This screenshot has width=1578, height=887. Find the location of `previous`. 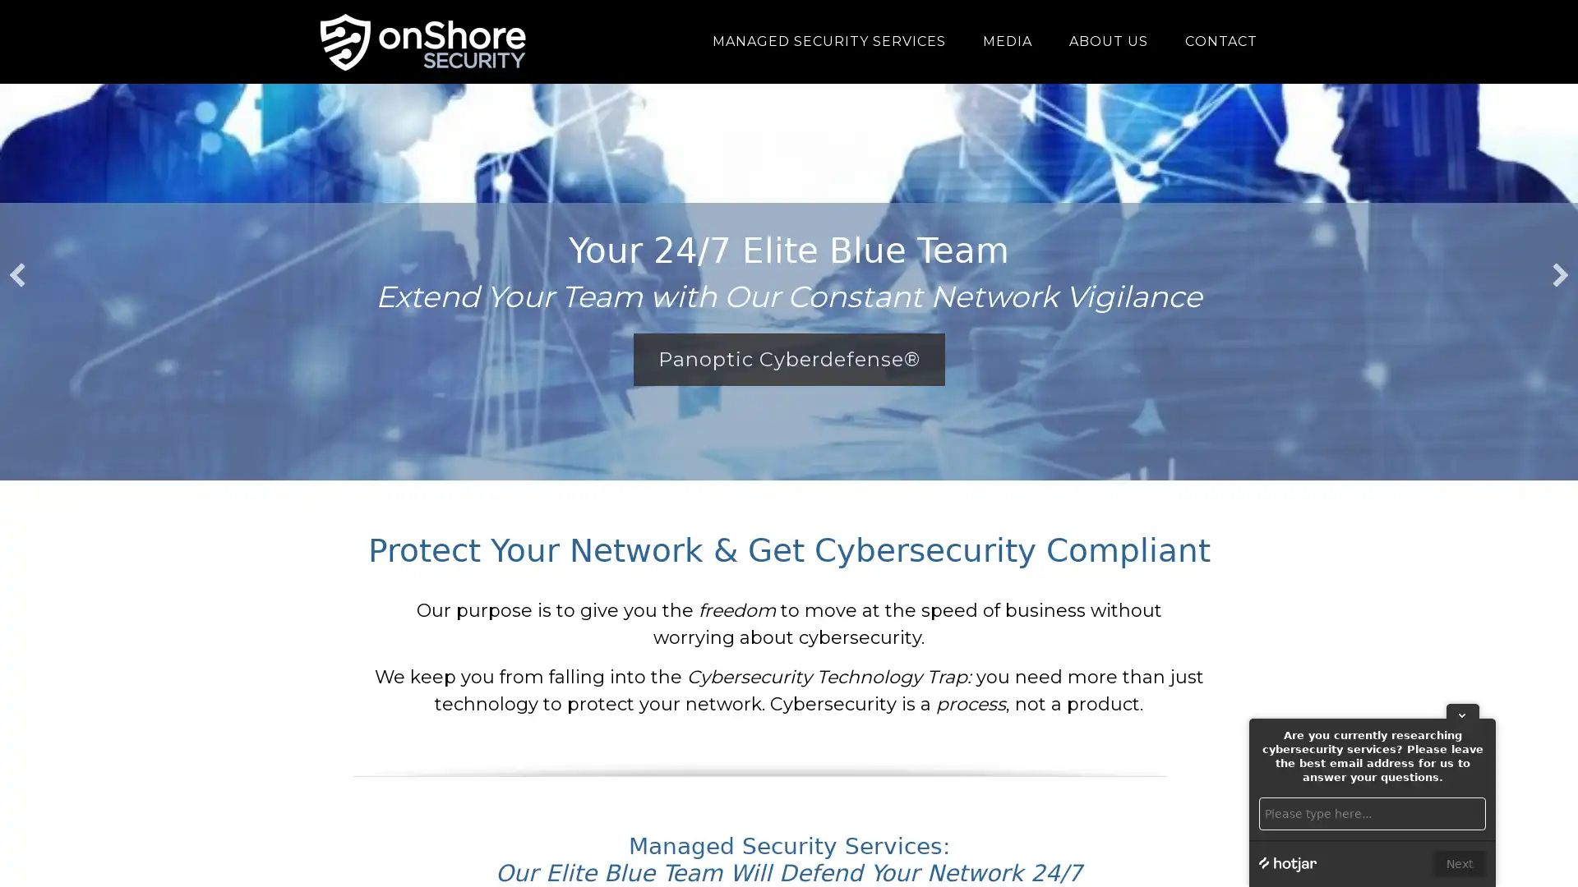

previous is located at coordinates (16, 274).